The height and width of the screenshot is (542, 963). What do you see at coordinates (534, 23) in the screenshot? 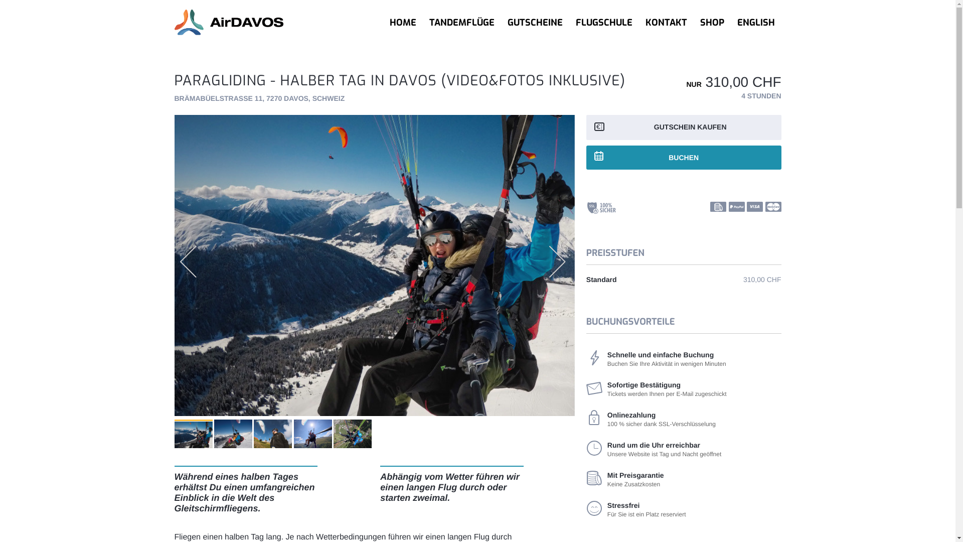
I see `'GUTSCHEINE'` at bounding box center [534, 23].